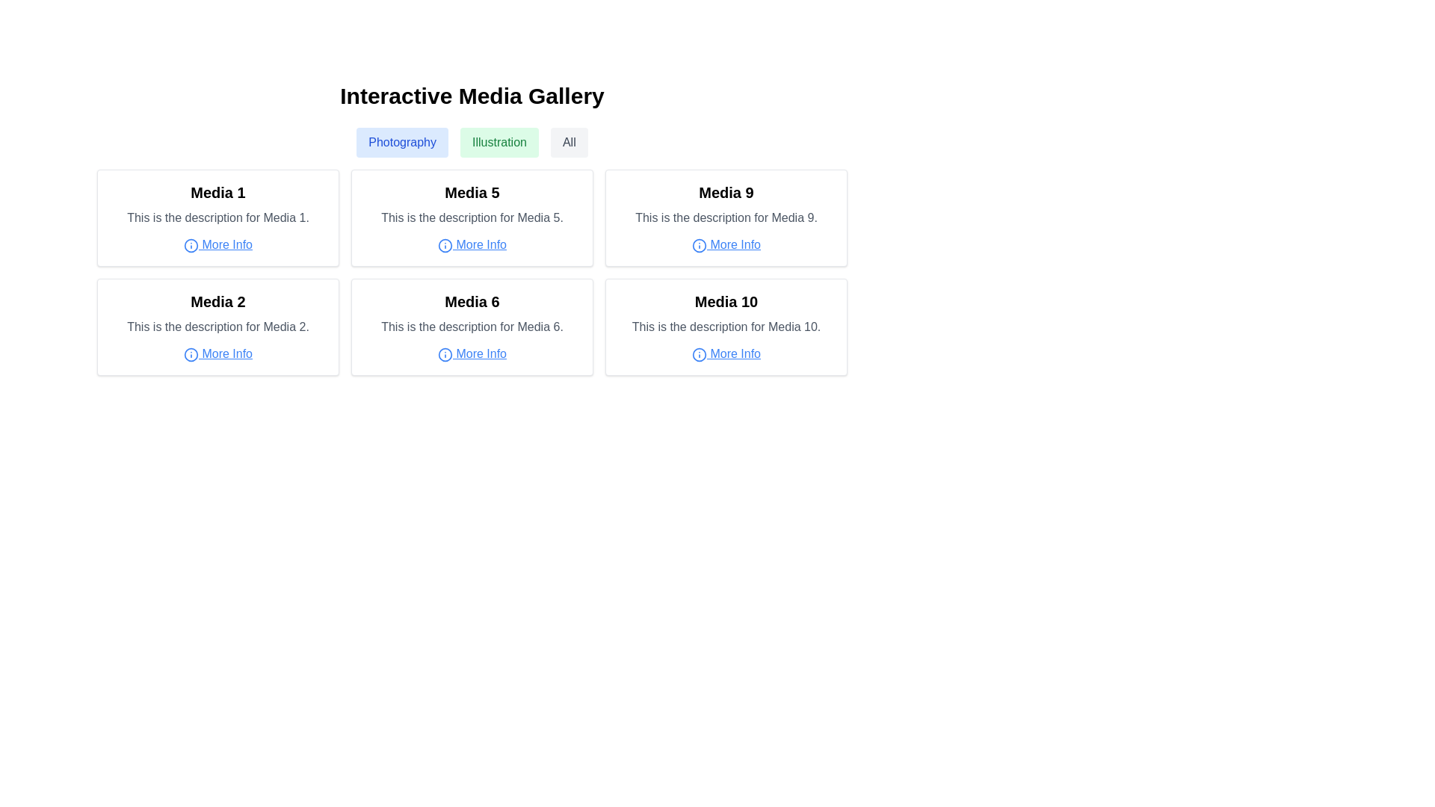 This screenshot has width=1435, height=807. What do you see at coordinates (726, 302) in the screenshot?
I see `the bold text label titled 'Media 10' located at the top of the second card in the bottom row of the grid view` at bounding box center [726, 302].